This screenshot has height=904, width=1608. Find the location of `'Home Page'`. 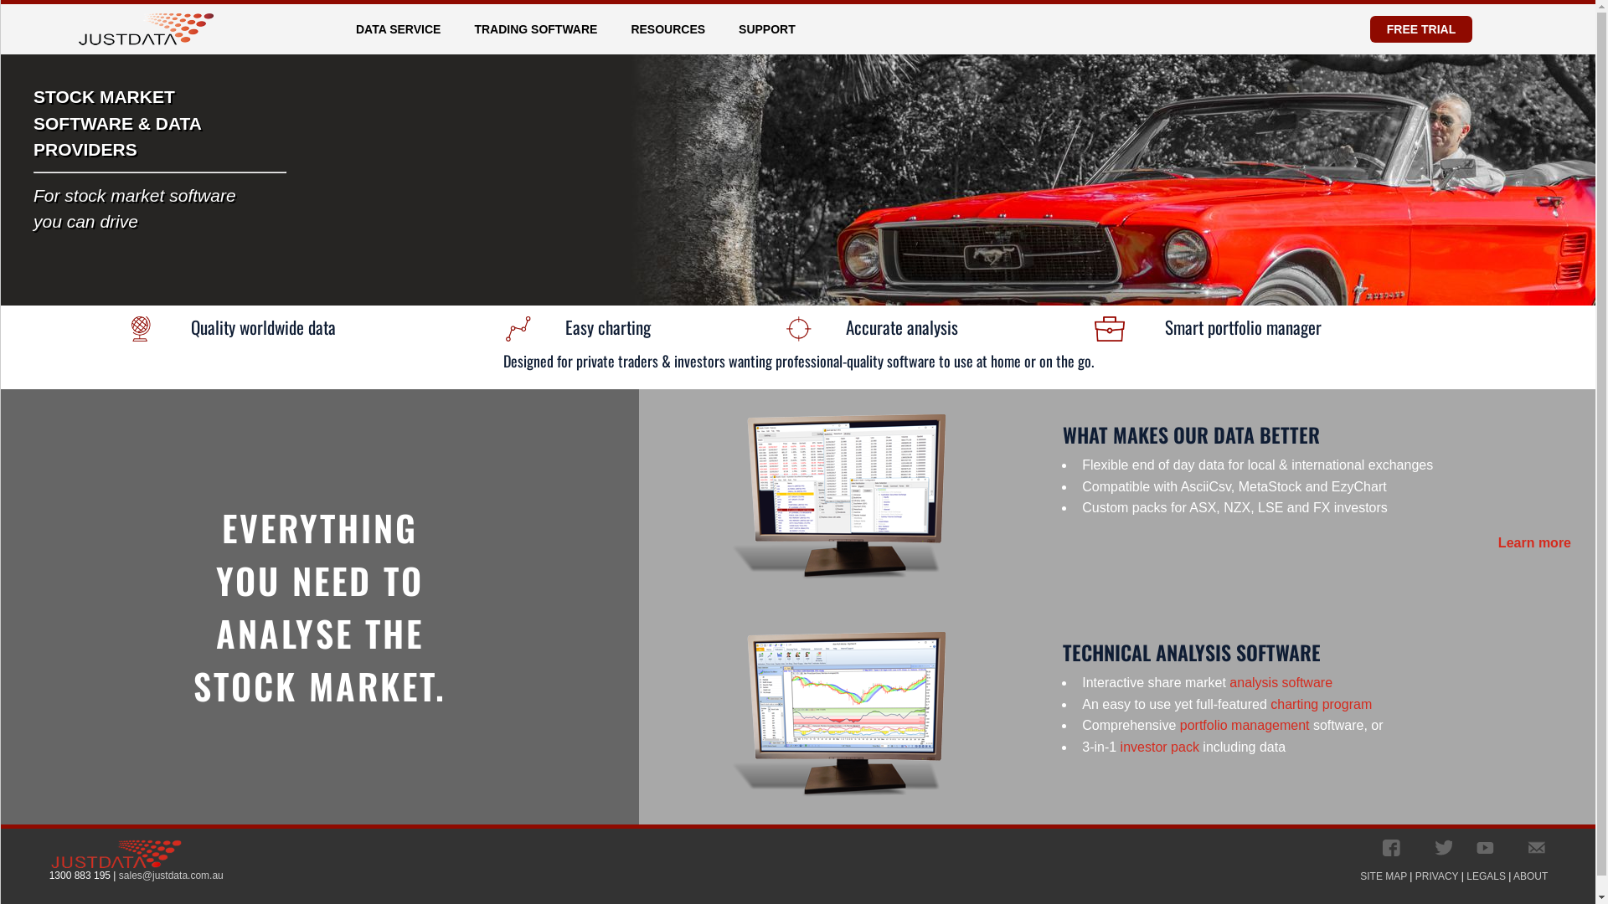

'Home Page' is located at coordinates (146, 28).